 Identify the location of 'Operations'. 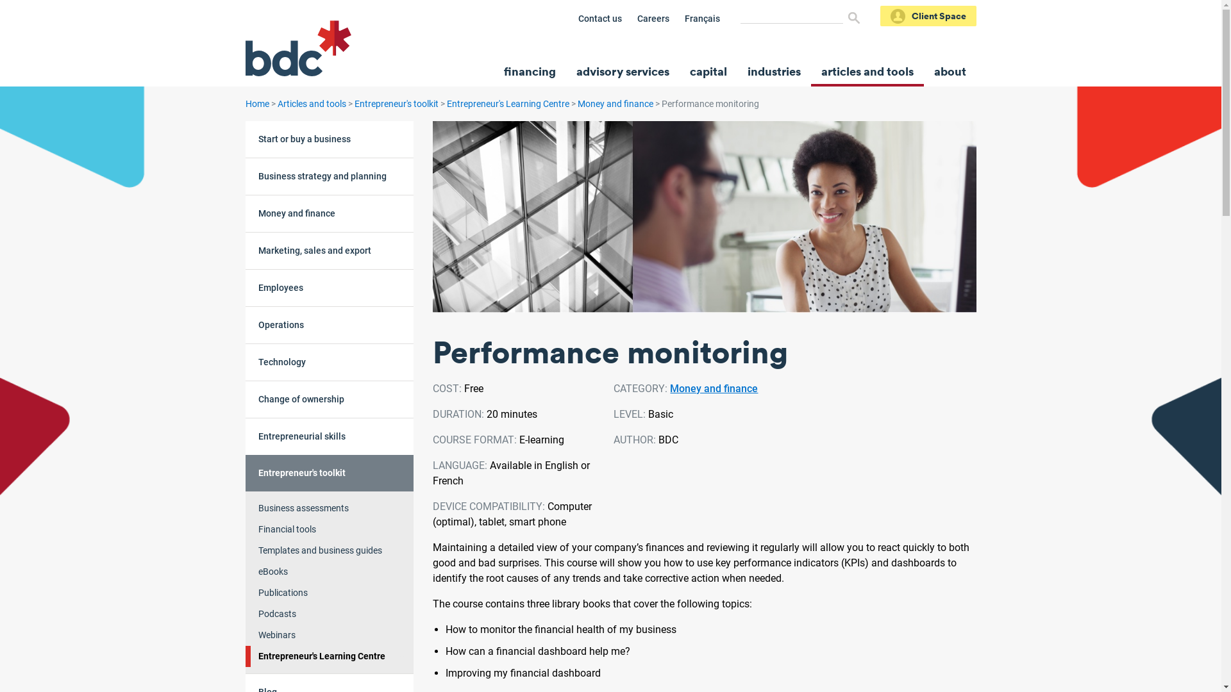
(329, 324).